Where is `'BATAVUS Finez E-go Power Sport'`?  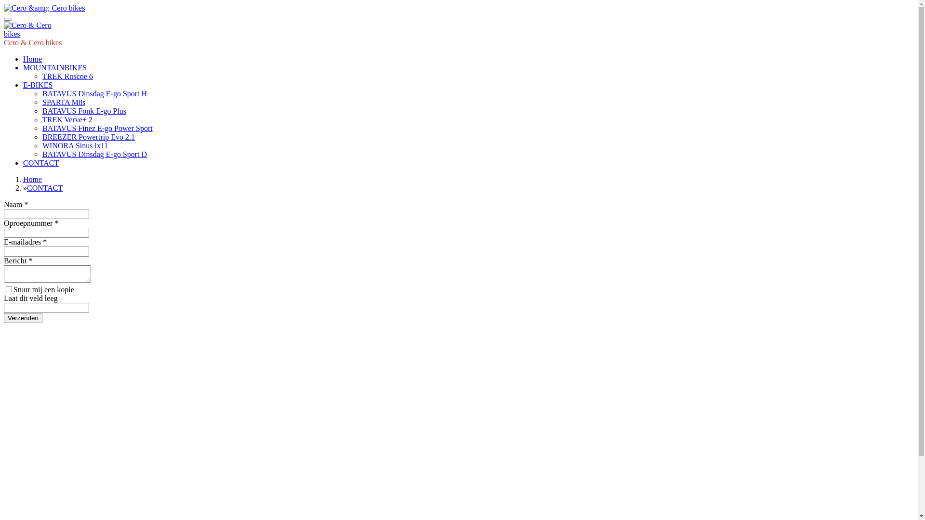 'BATAVUS Finez E-go Power Sport' is located at coordinates (97, 128).